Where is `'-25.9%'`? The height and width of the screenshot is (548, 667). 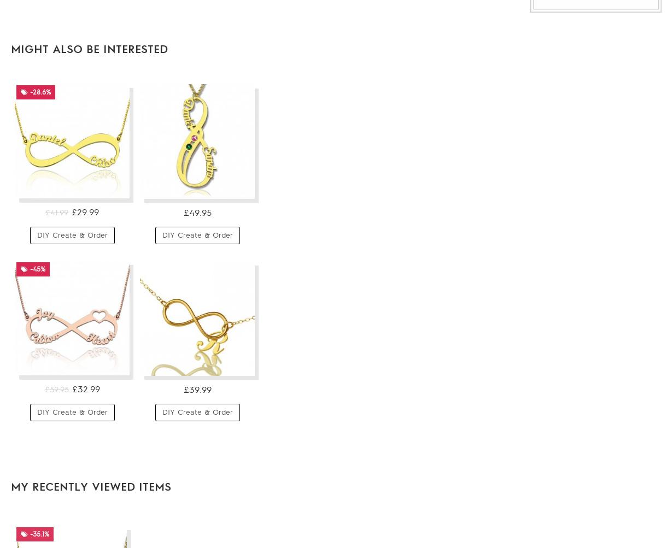
'-25.9%' is located at coordinates (414, 136).